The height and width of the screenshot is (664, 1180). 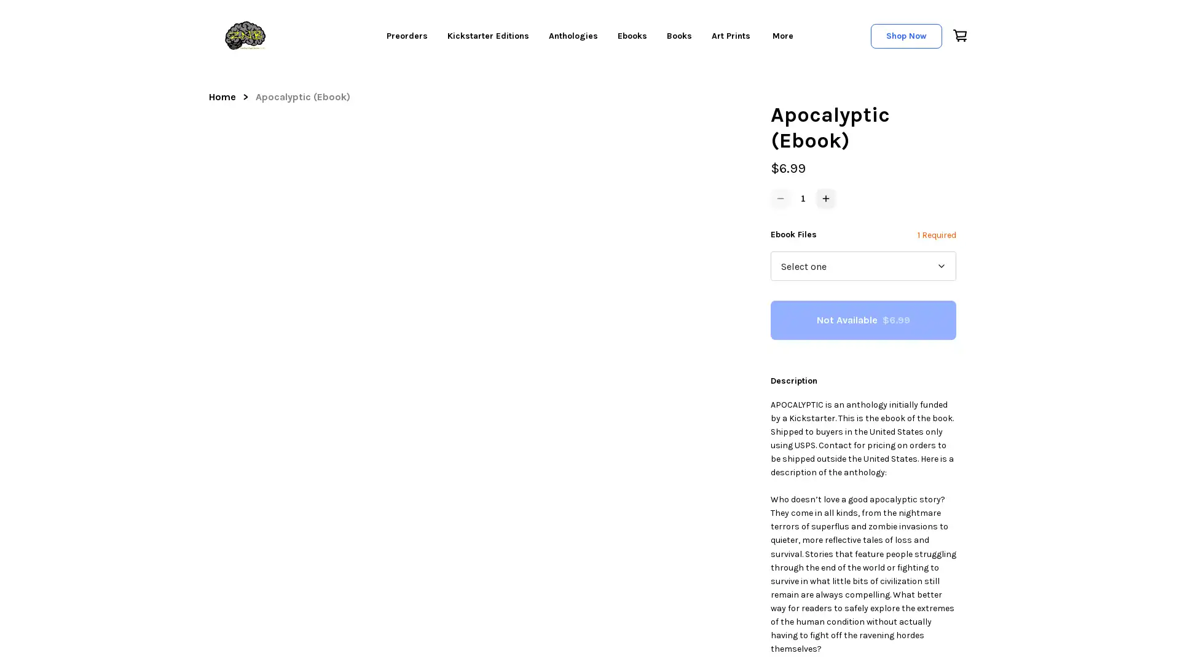 I want to click on Cart icon, so click(x=958, y=34).